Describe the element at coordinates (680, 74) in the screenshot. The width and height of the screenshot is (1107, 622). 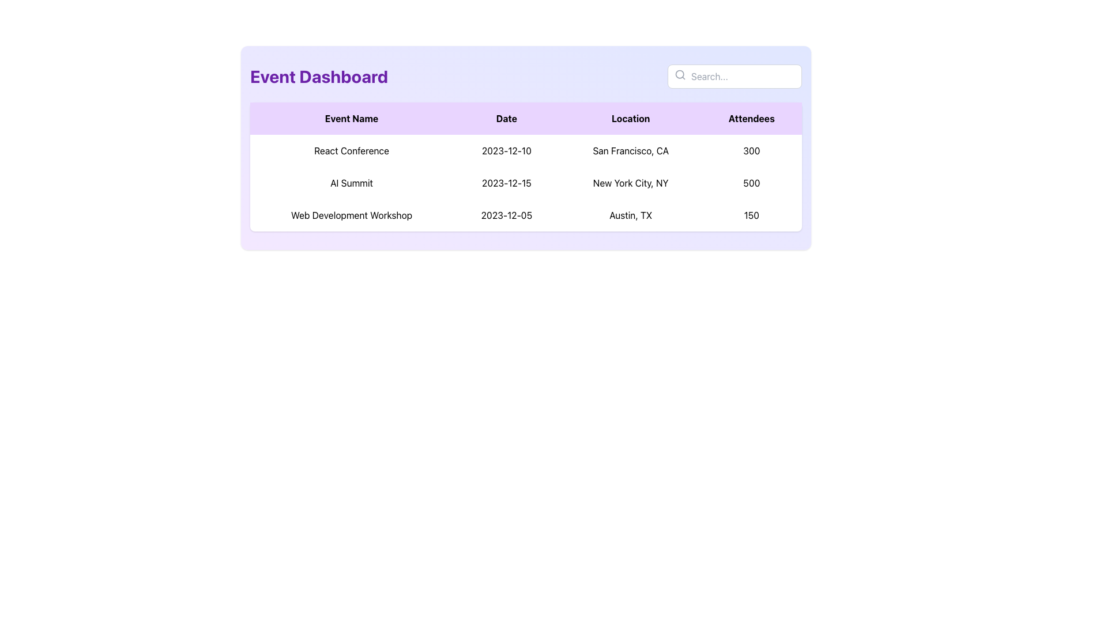
I see `the small circular decorative graphic element styled as a hollow circle with a dark outline, located inside the magnifying glass icon to the left of the search input field on the event dashboard layout` at that location.